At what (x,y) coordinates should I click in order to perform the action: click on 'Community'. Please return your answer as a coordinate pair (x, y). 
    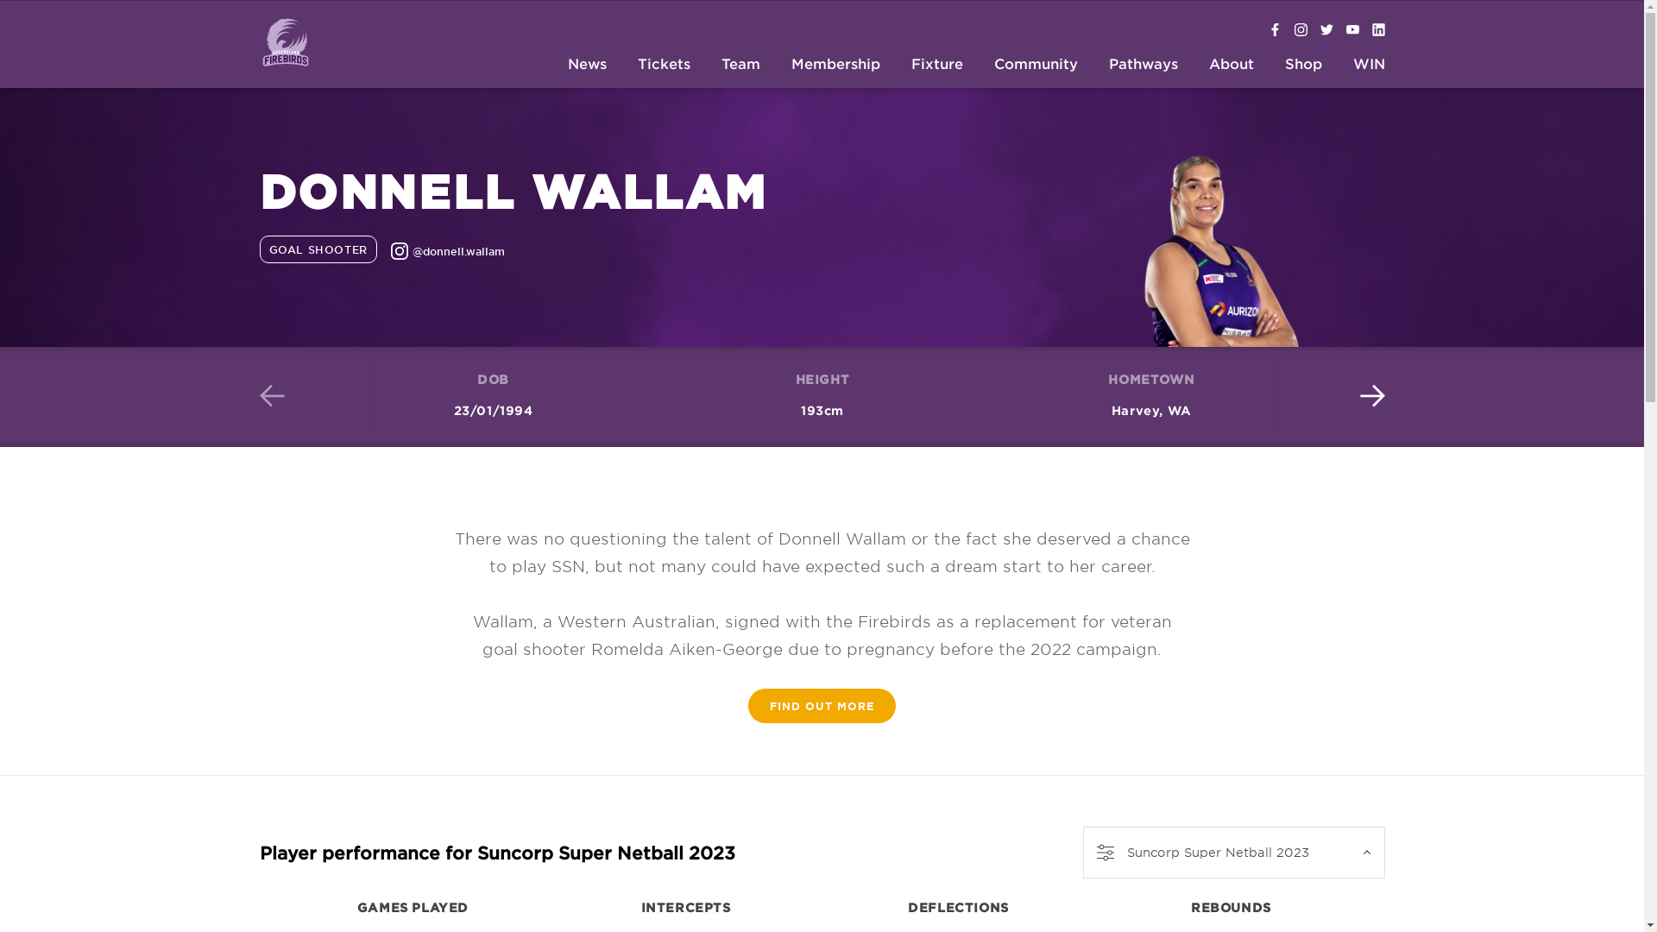
    Looking at the image, I should click on (1035, 65).